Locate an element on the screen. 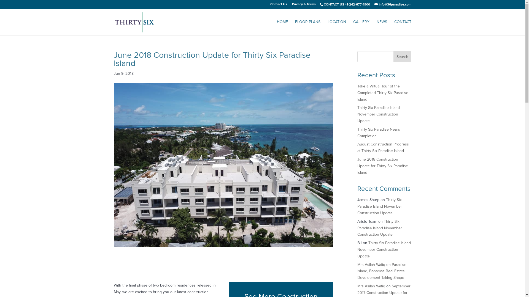  'NEWS' is located at coordinates (381, 28).